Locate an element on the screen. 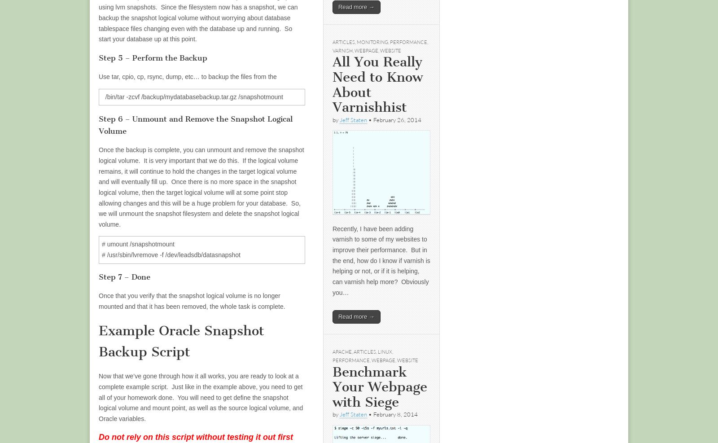 Image resolution: width=718 pixels, height=443 pixels. 'Once the backup is complete, you can unmount and remove the snapshot logical volume.  It is very important that we do this.  If the logical volume remains, it will continue to hold the changes in the target logical volume and will eventually fill up.  Once there is no more space in the snapshot logical volume, then the target logical volume will at some point stop allowing changes and this will be a huge problem for your database.  So, we will unmount the snapshot filesystem and delete the snapshot logical volume.' is located at coordinates (99, 187).